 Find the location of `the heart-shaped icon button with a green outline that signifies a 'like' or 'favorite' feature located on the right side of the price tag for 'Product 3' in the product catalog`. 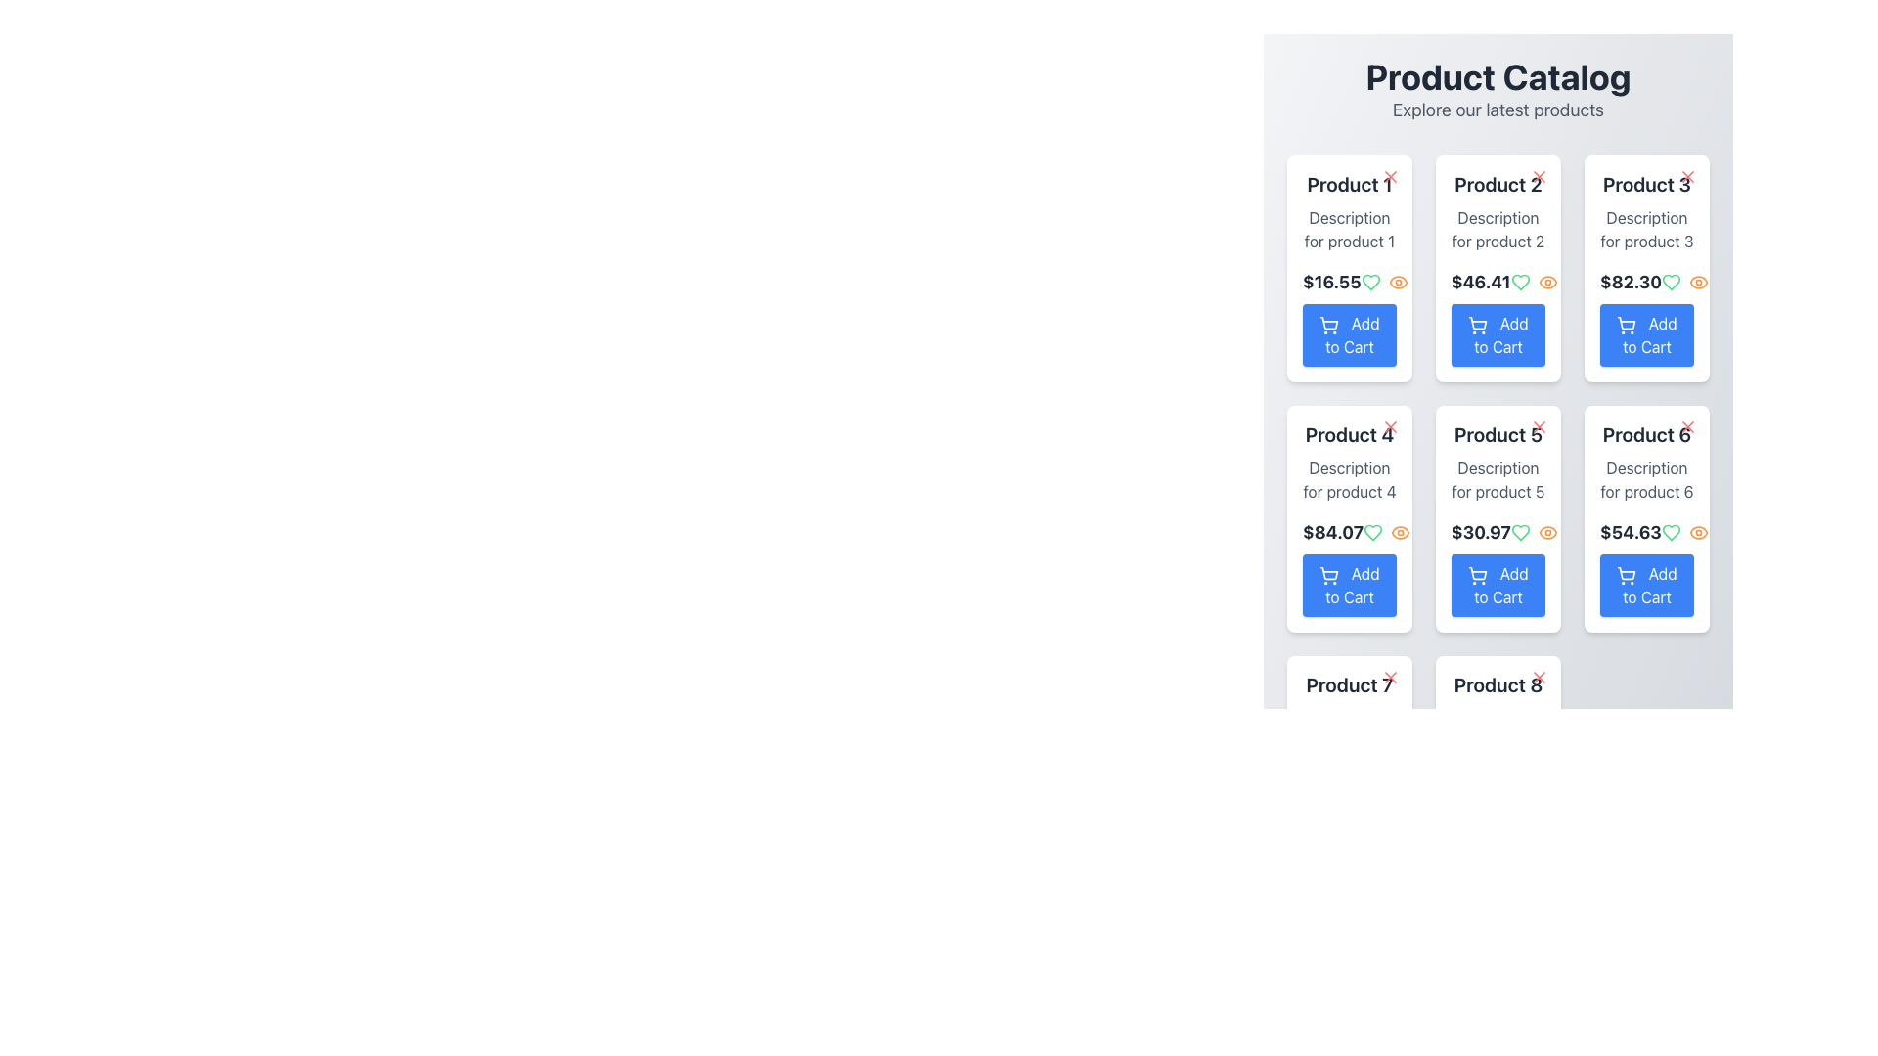

the heart-shaped icon button with a green outline that signifies a 'like' or 'favorite' feature located on the right side of the price tag for 'Product 3' in the product catalog is located at coordinates (1671, 283).